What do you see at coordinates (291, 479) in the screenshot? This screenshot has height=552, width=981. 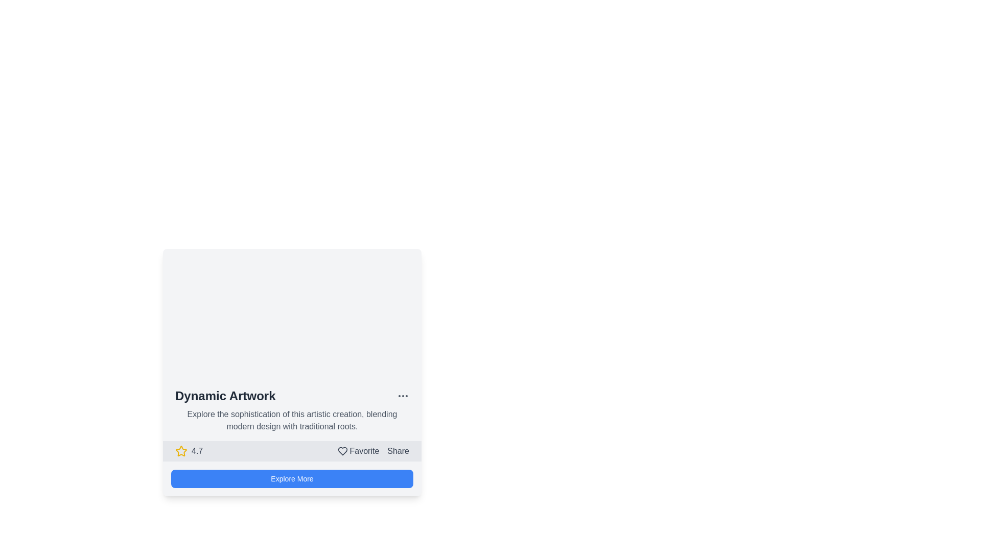 I see `the button located at the bottom of the 'Dynamic Artwork' card layout to proceed` at bounding box center [291, 479].